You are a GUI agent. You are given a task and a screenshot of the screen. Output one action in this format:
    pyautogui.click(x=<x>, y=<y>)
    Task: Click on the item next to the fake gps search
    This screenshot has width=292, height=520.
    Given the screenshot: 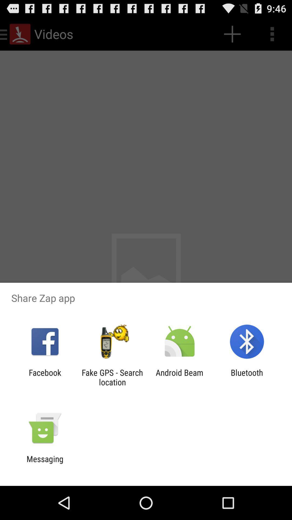 What is the action you would take?
    pyautogui.click(x=45, y=377)
    